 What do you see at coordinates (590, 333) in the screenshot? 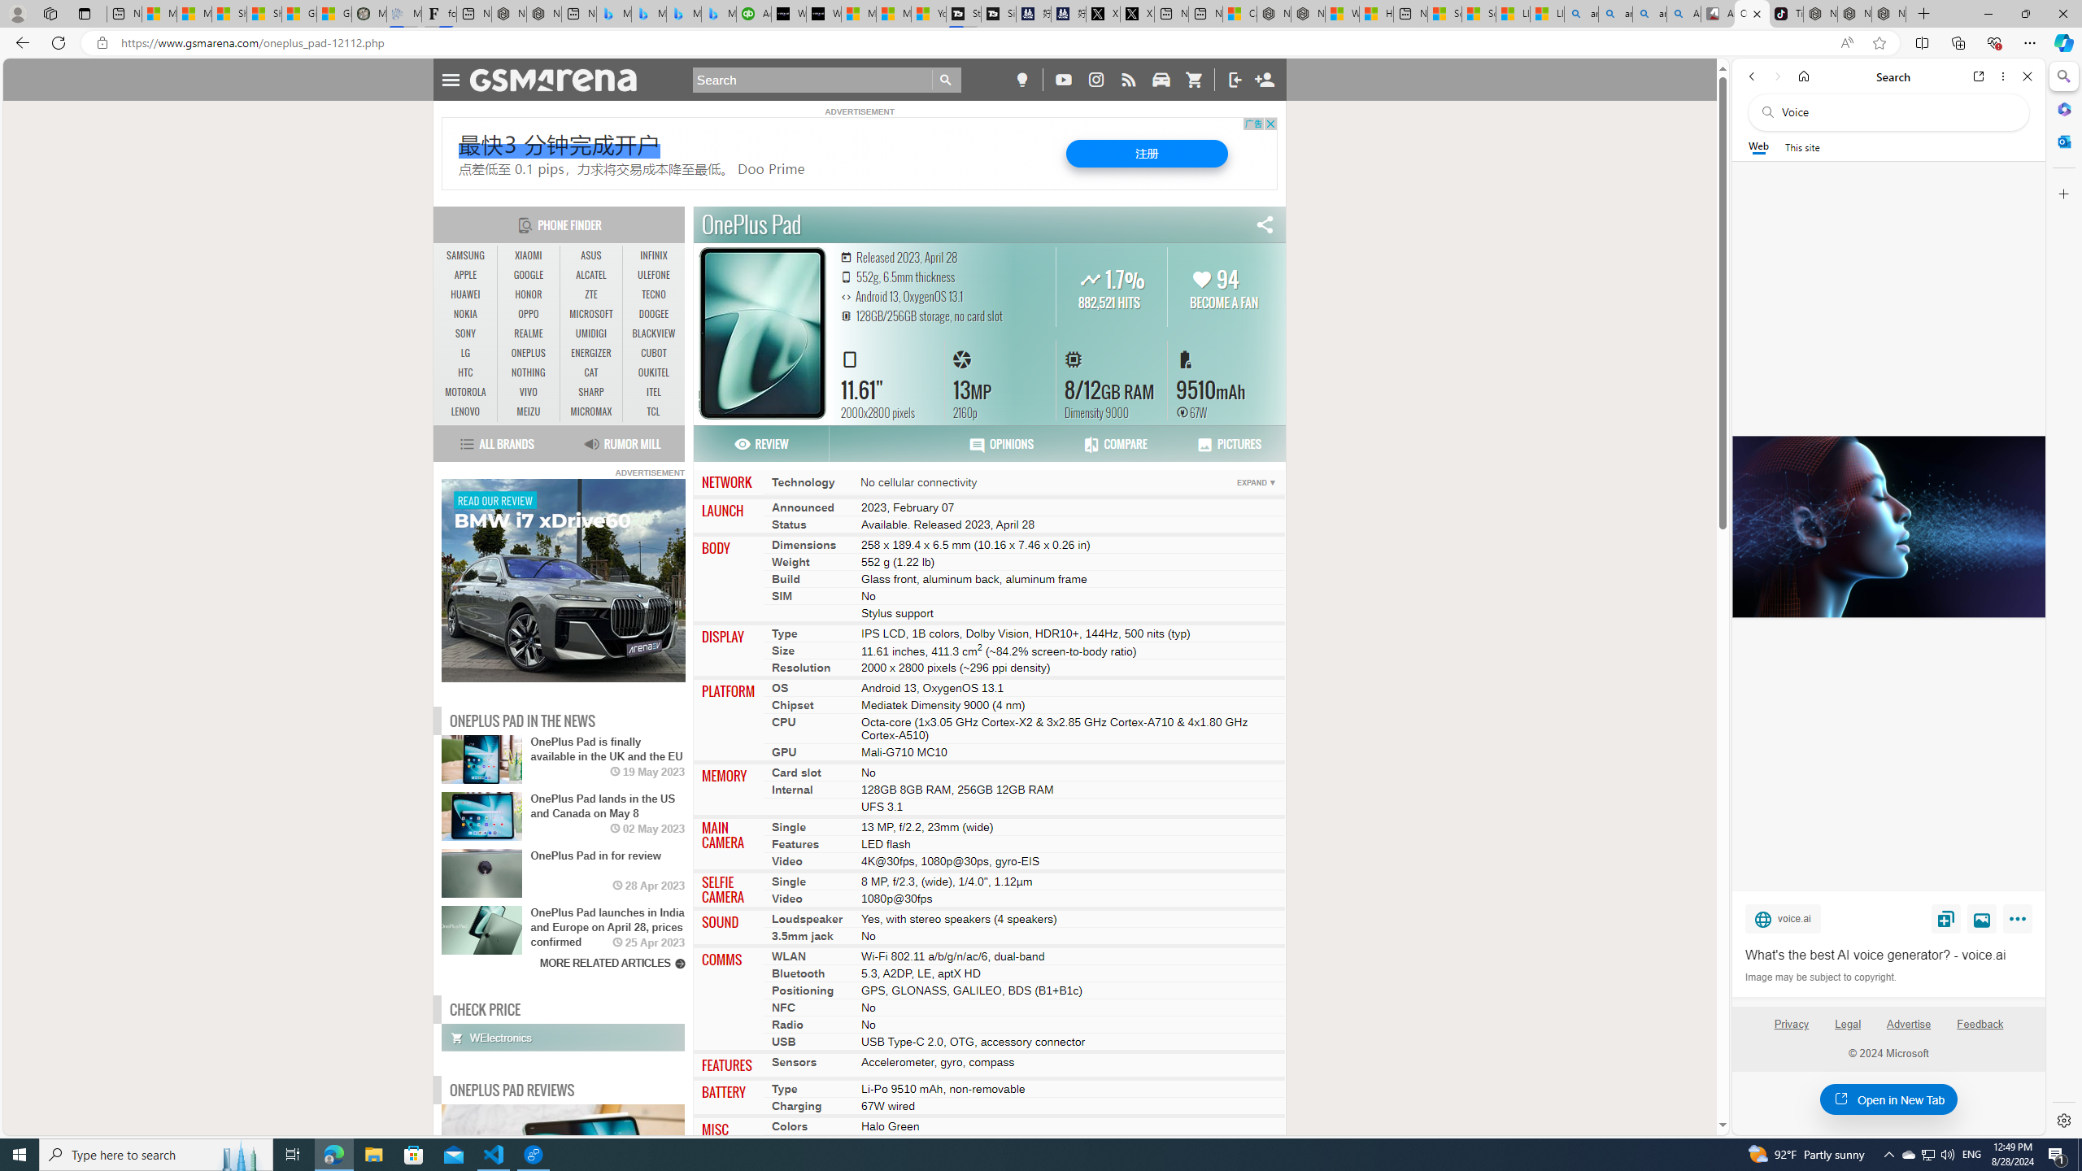
I see `'UMIDIGI'` at bounding box center [590, 333].